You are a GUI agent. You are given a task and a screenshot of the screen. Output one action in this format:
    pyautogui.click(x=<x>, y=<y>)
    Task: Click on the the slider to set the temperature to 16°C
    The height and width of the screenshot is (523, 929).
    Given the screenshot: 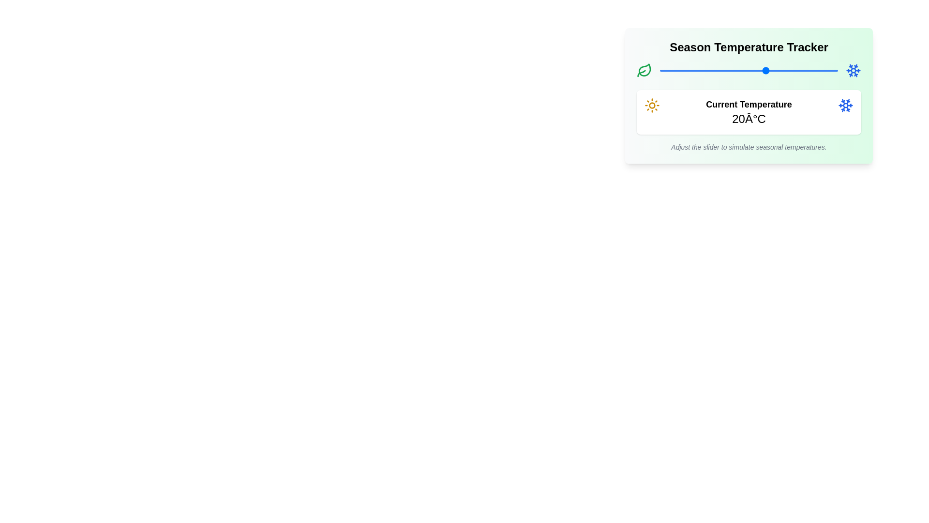 What is the action you would take?
    pyautogui.click(x=752, y=70)
    